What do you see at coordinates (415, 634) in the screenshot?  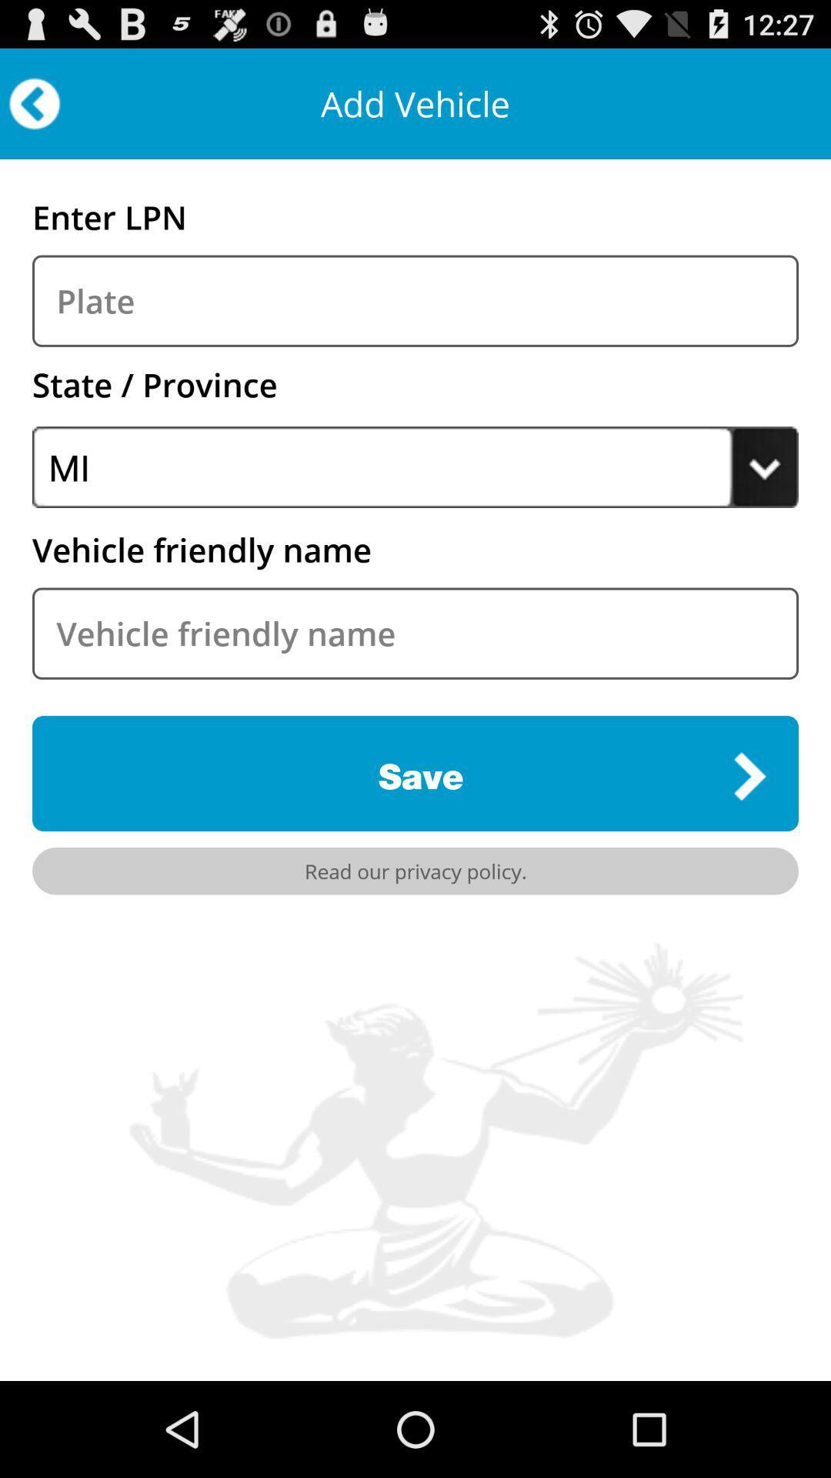 I see `friently name` at bounding box center [415, 634].